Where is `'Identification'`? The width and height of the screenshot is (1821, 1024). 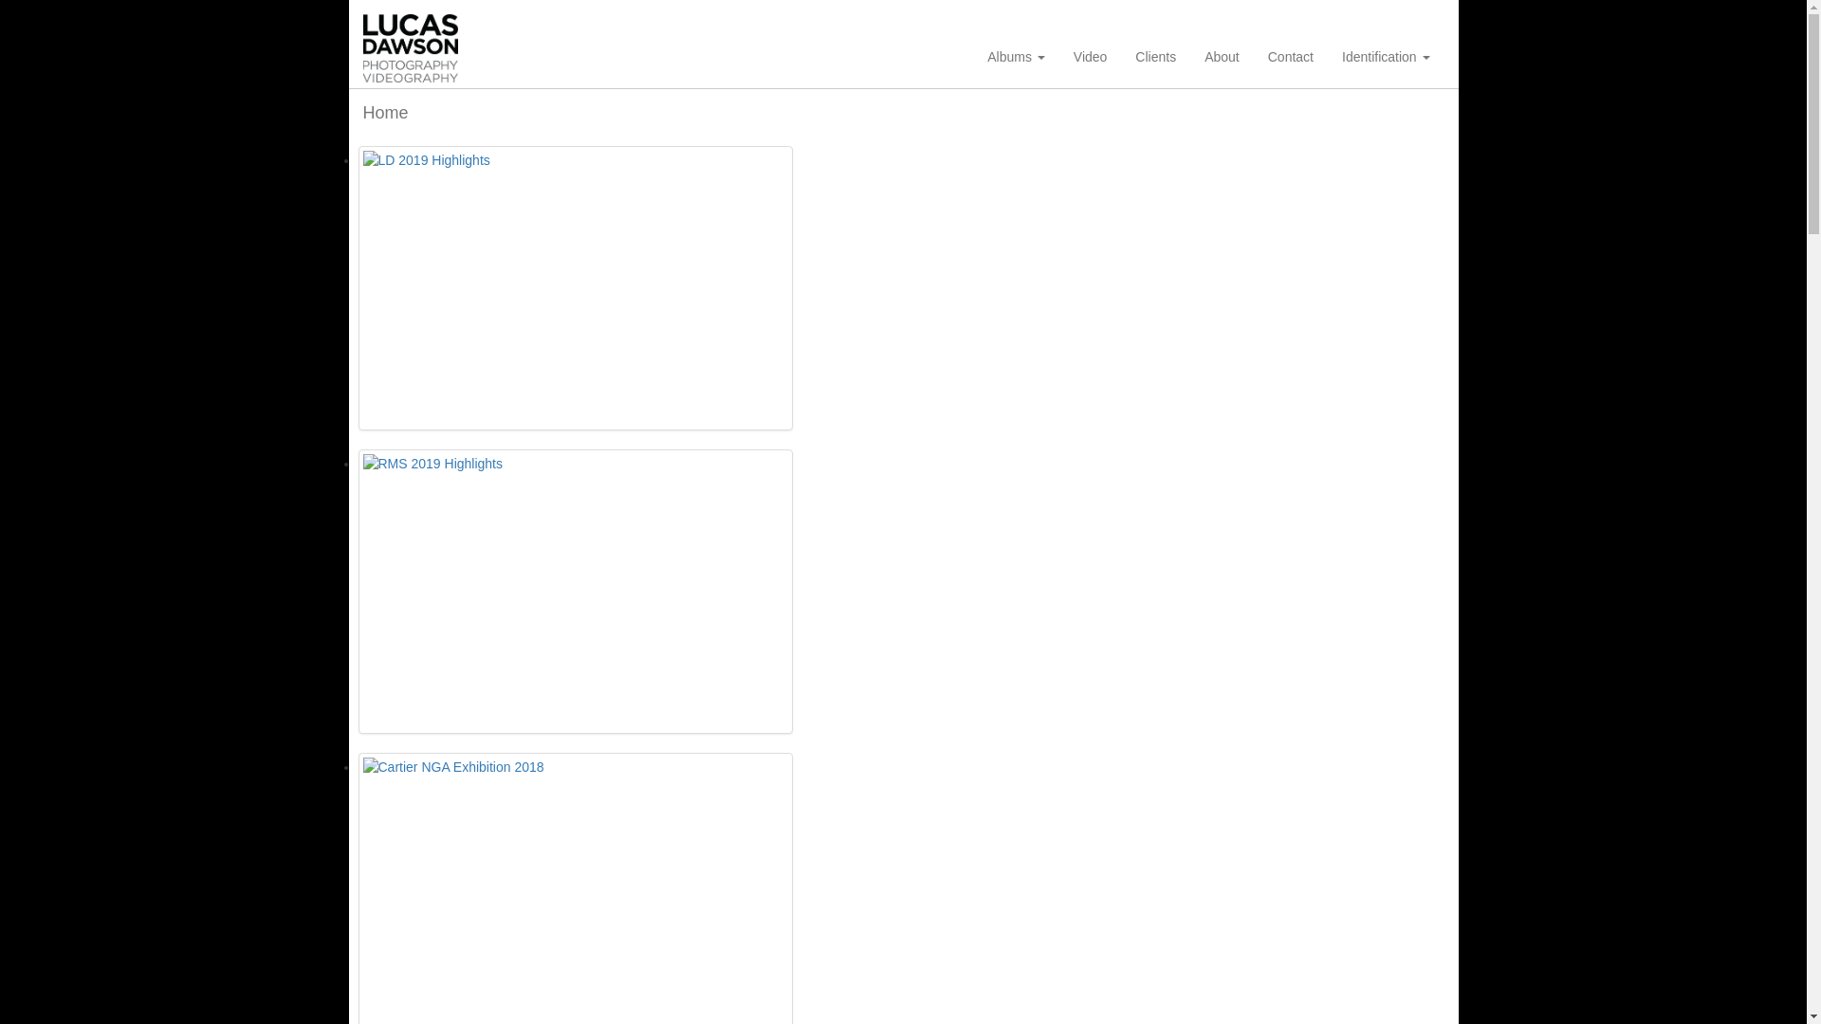 'Identification' is located at coordinates (1386, 56).